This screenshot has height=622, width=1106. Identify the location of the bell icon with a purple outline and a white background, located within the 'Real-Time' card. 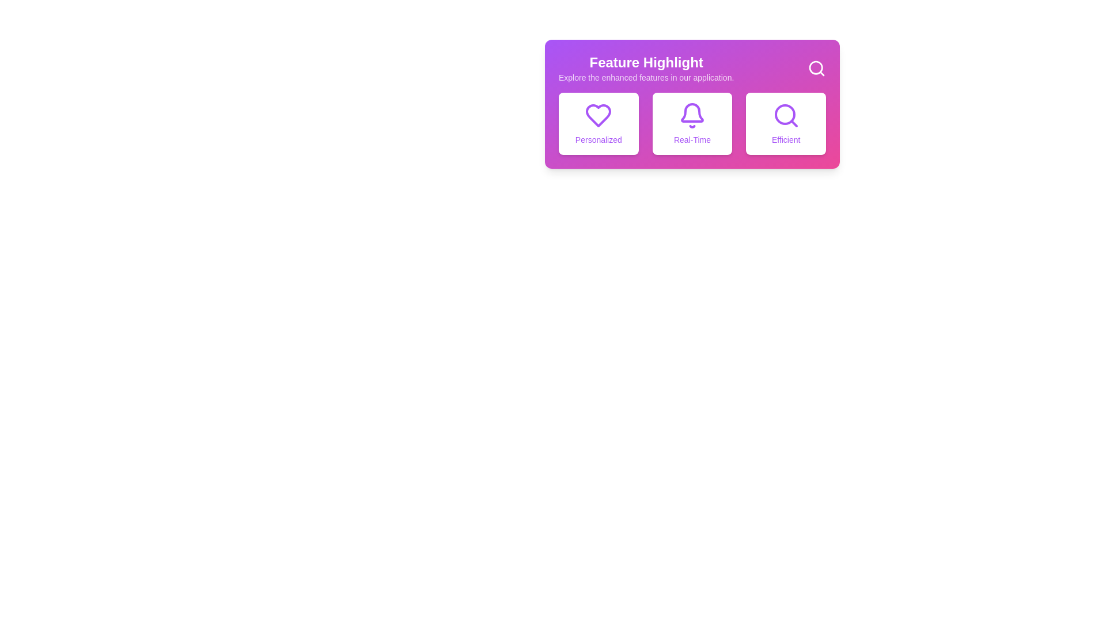
(691, 115).